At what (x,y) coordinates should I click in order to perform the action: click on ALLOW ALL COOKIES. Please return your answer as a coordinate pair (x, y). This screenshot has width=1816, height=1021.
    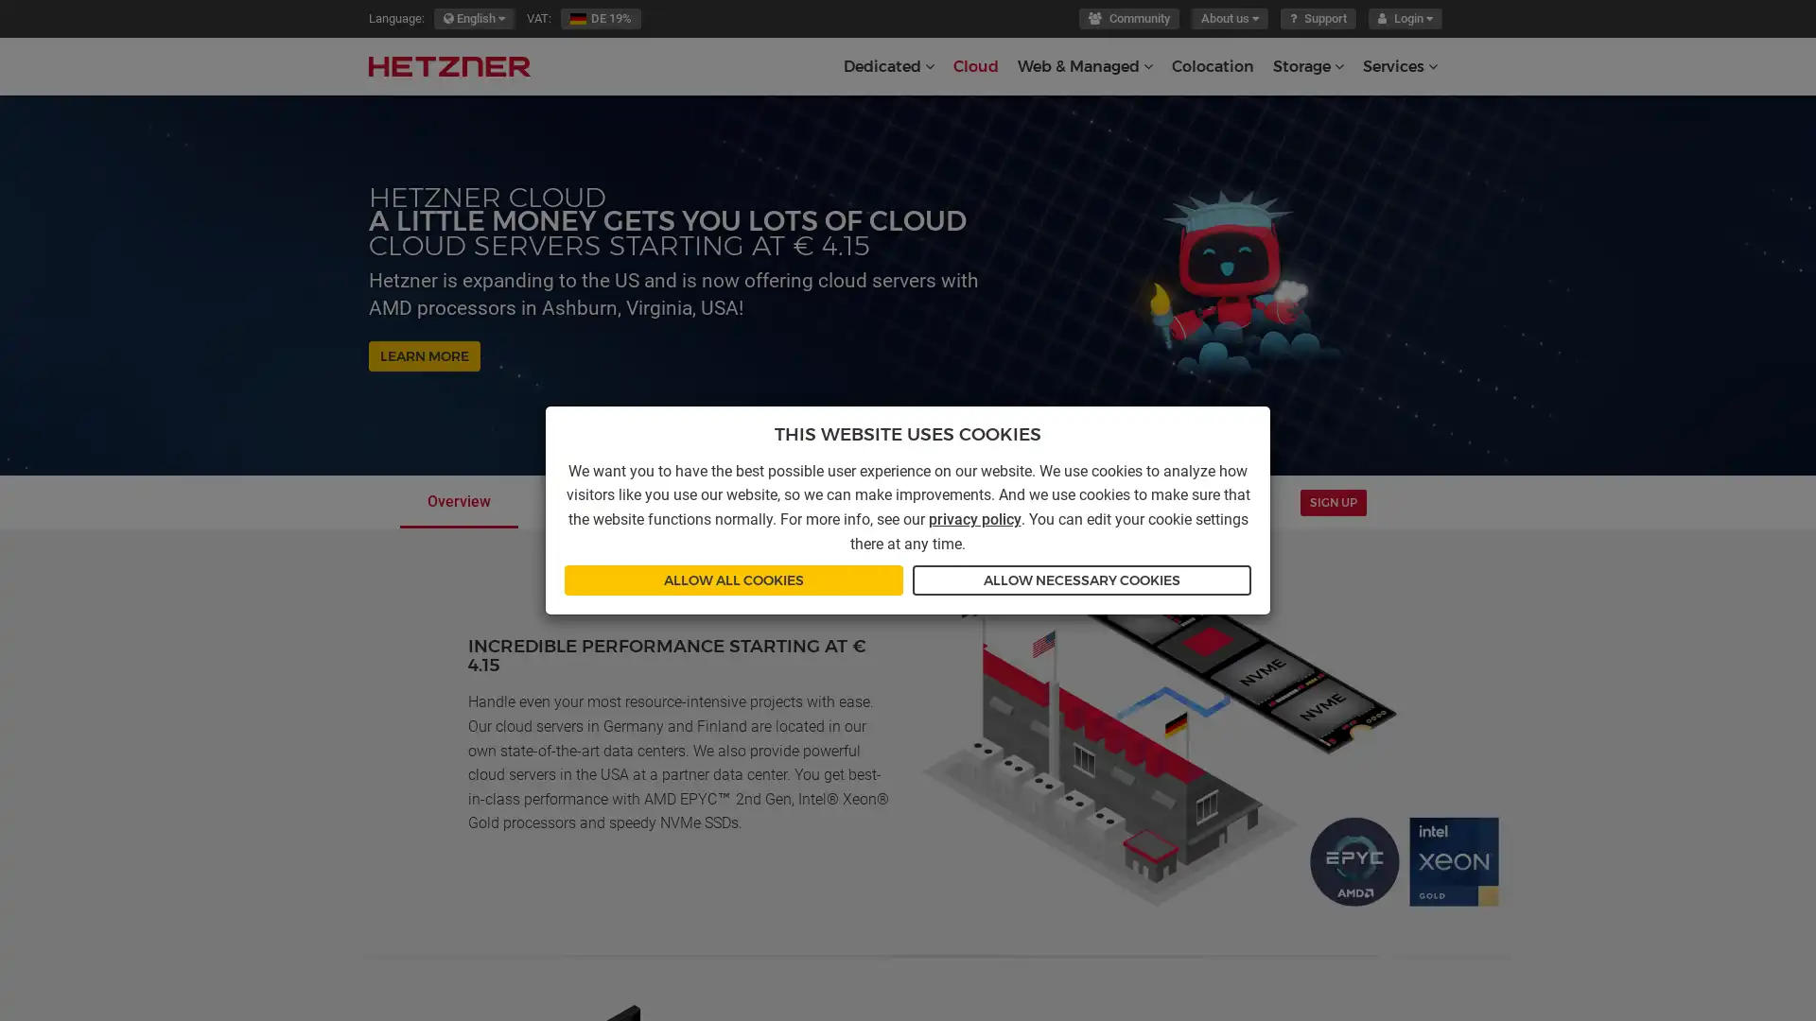
    Looking at the image, I should click on (733, 579).